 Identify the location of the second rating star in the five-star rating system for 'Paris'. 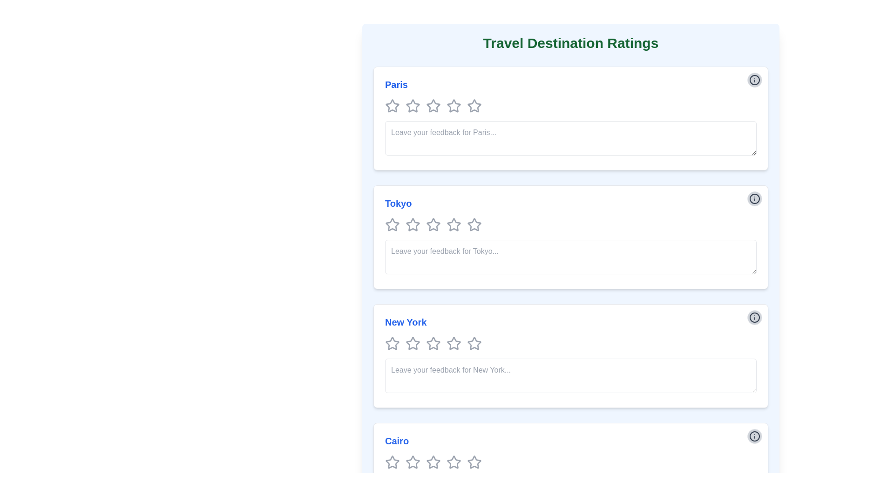
(474, 105).